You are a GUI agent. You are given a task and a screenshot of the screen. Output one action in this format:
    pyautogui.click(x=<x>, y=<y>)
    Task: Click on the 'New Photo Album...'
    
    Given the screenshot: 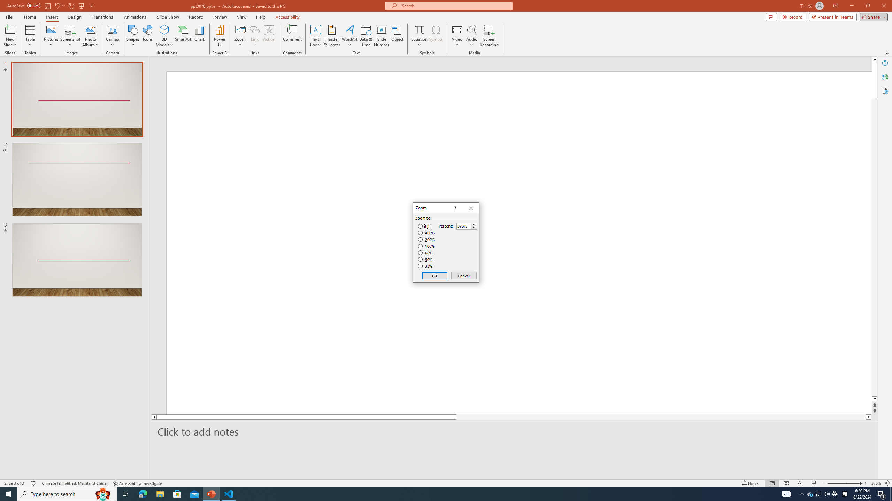 What is the action you would take?
    pyautogui.click(x=90, y=29)
    